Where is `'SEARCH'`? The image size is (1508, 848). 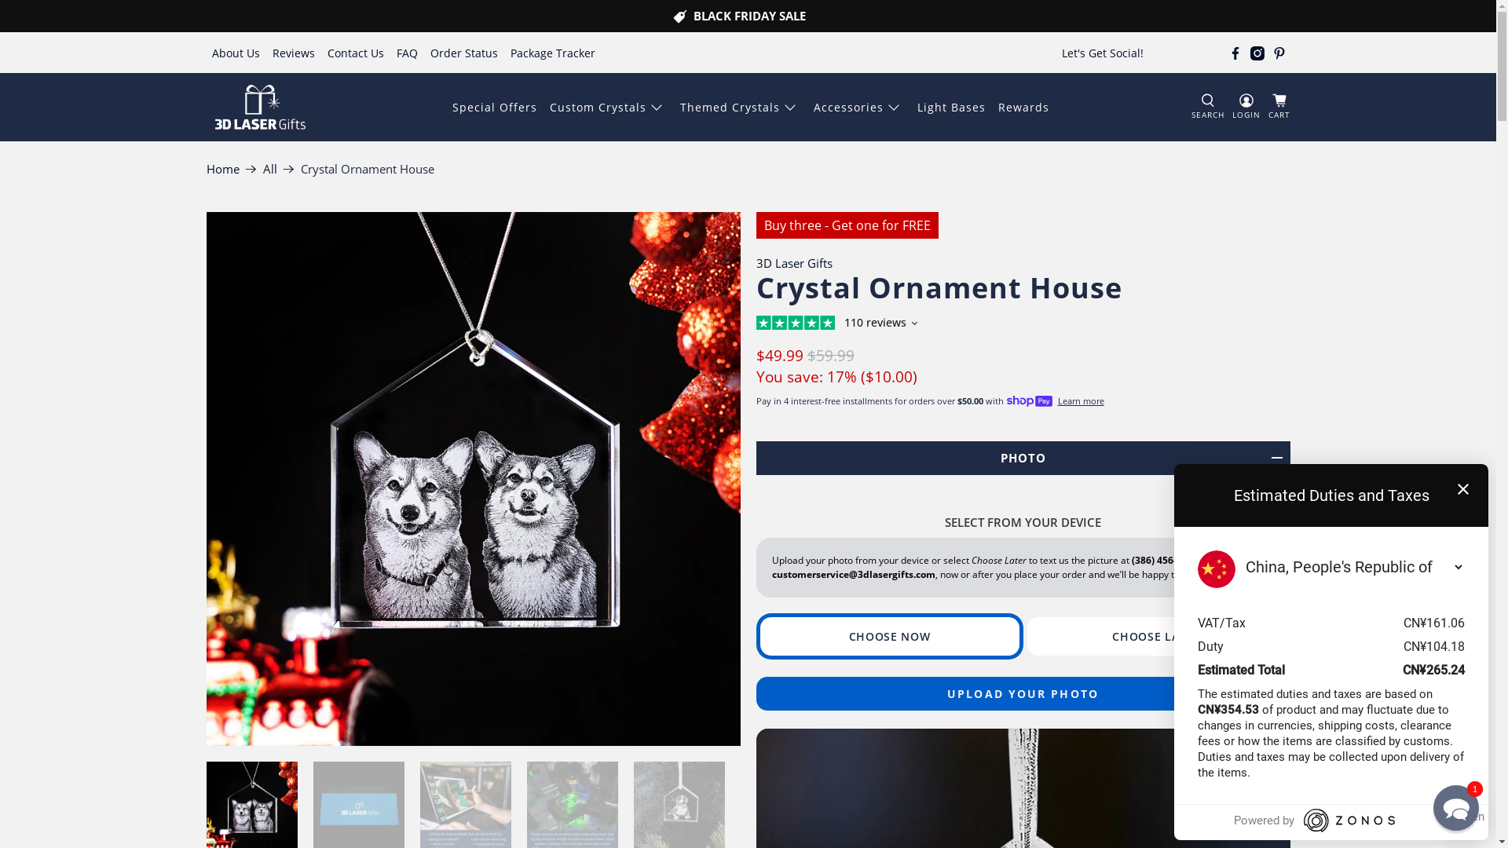 'SEARCH' is located at coordinates (1206, 106).